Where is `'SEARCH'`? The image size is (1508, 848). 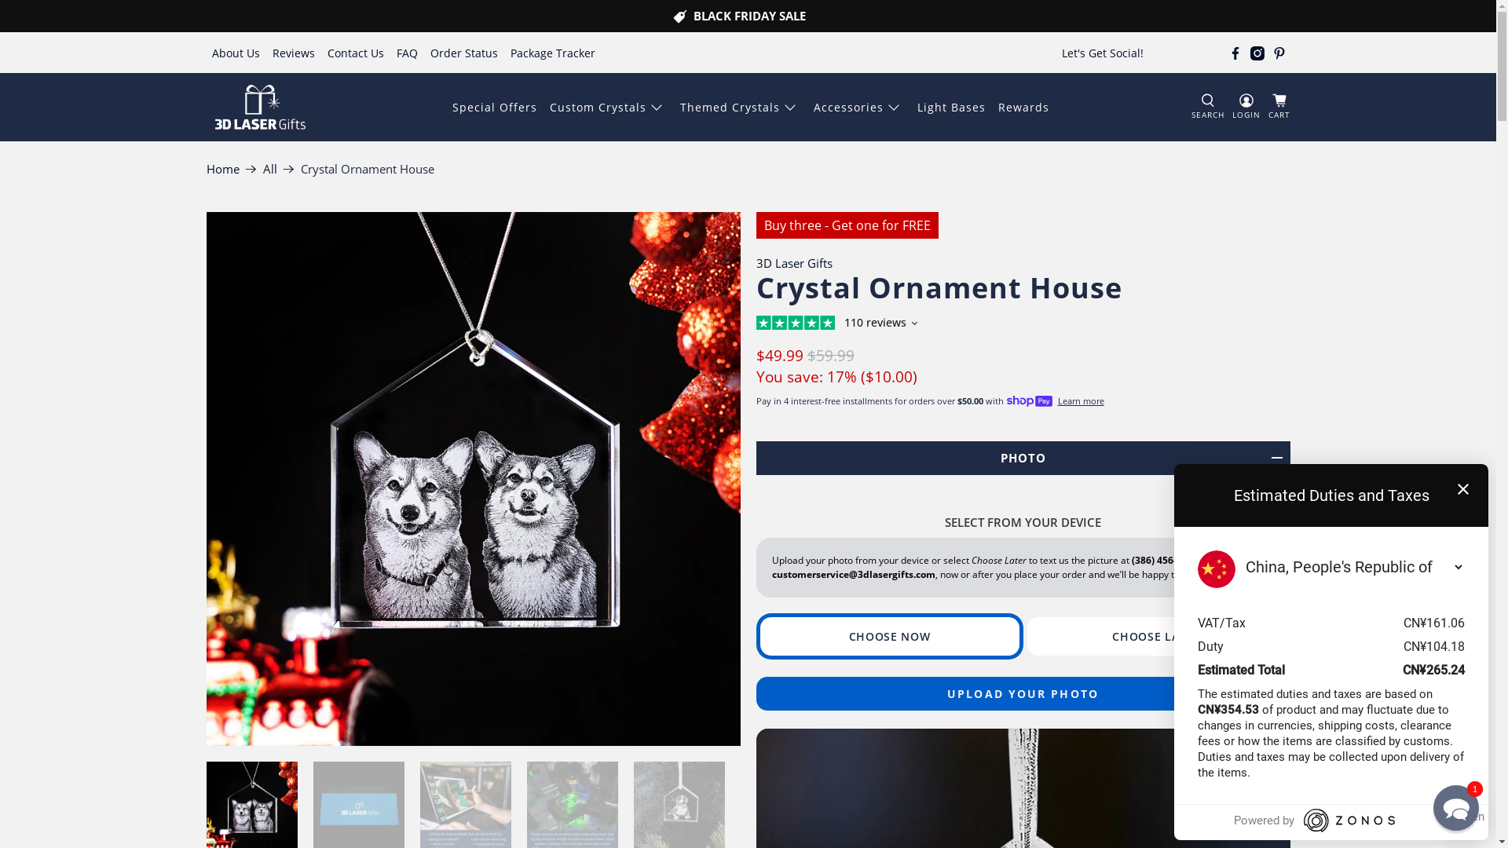 'SEARCH' is located at coordinates (1206, 106).